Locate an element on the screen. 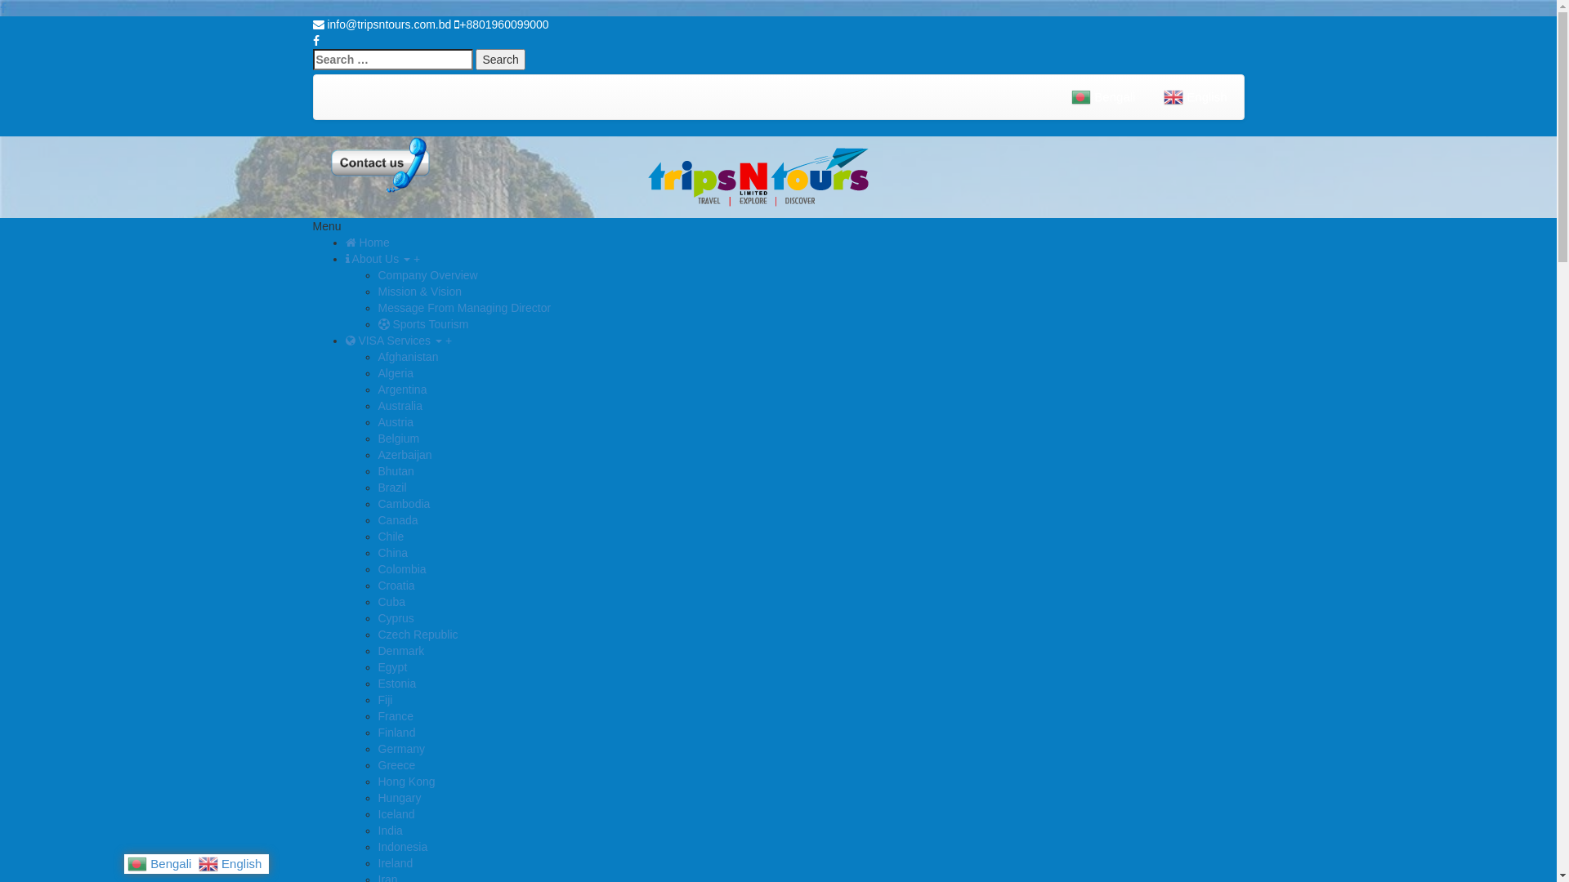 The width and height of the screenshot is (1569, 882). 'Hong Kong' is located at coordinates (406, 780).